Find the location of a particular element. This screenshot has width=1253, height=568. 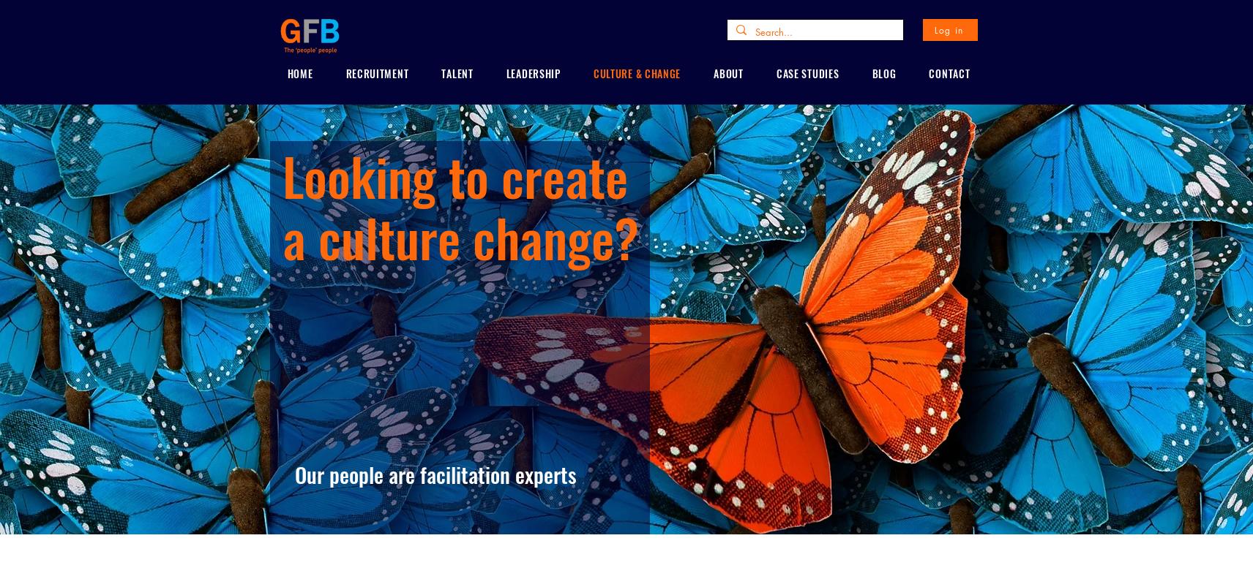

'CULTURE & CHANGE' is located at coordinates (636, 72).